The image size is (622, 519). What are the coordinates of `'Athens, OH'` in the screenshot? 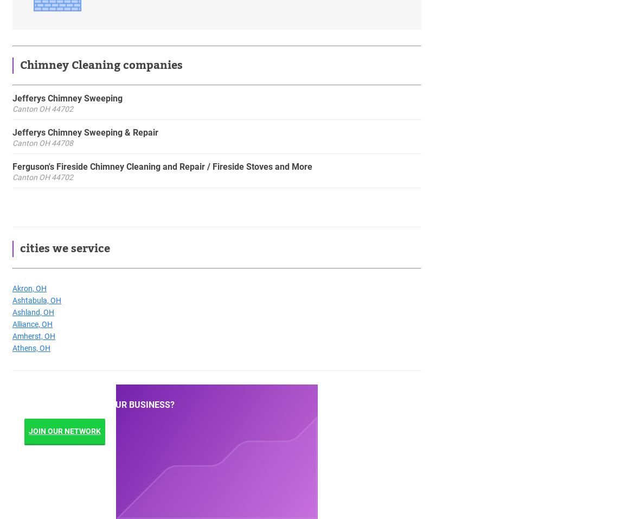 It's located at (12, 347).